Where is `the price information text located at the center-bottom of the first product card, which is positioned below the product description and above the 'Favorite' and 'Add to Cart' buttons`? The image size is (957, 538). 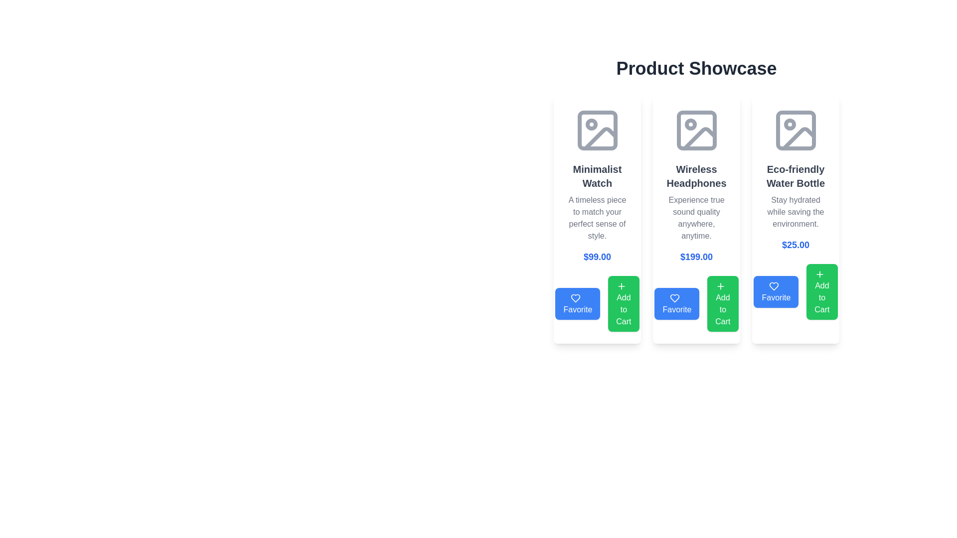
the price information text located at the center-bottom of the first product card, which is positioned below the product description and above the 'Favorite' and 'Add to Cart' buttons is located at coordinates (597, 257).